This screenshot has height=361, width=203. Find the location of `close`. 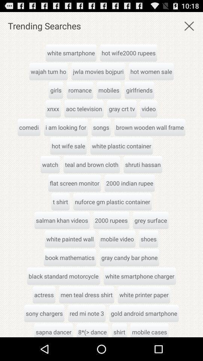

close is located at coordinates (189, 26).